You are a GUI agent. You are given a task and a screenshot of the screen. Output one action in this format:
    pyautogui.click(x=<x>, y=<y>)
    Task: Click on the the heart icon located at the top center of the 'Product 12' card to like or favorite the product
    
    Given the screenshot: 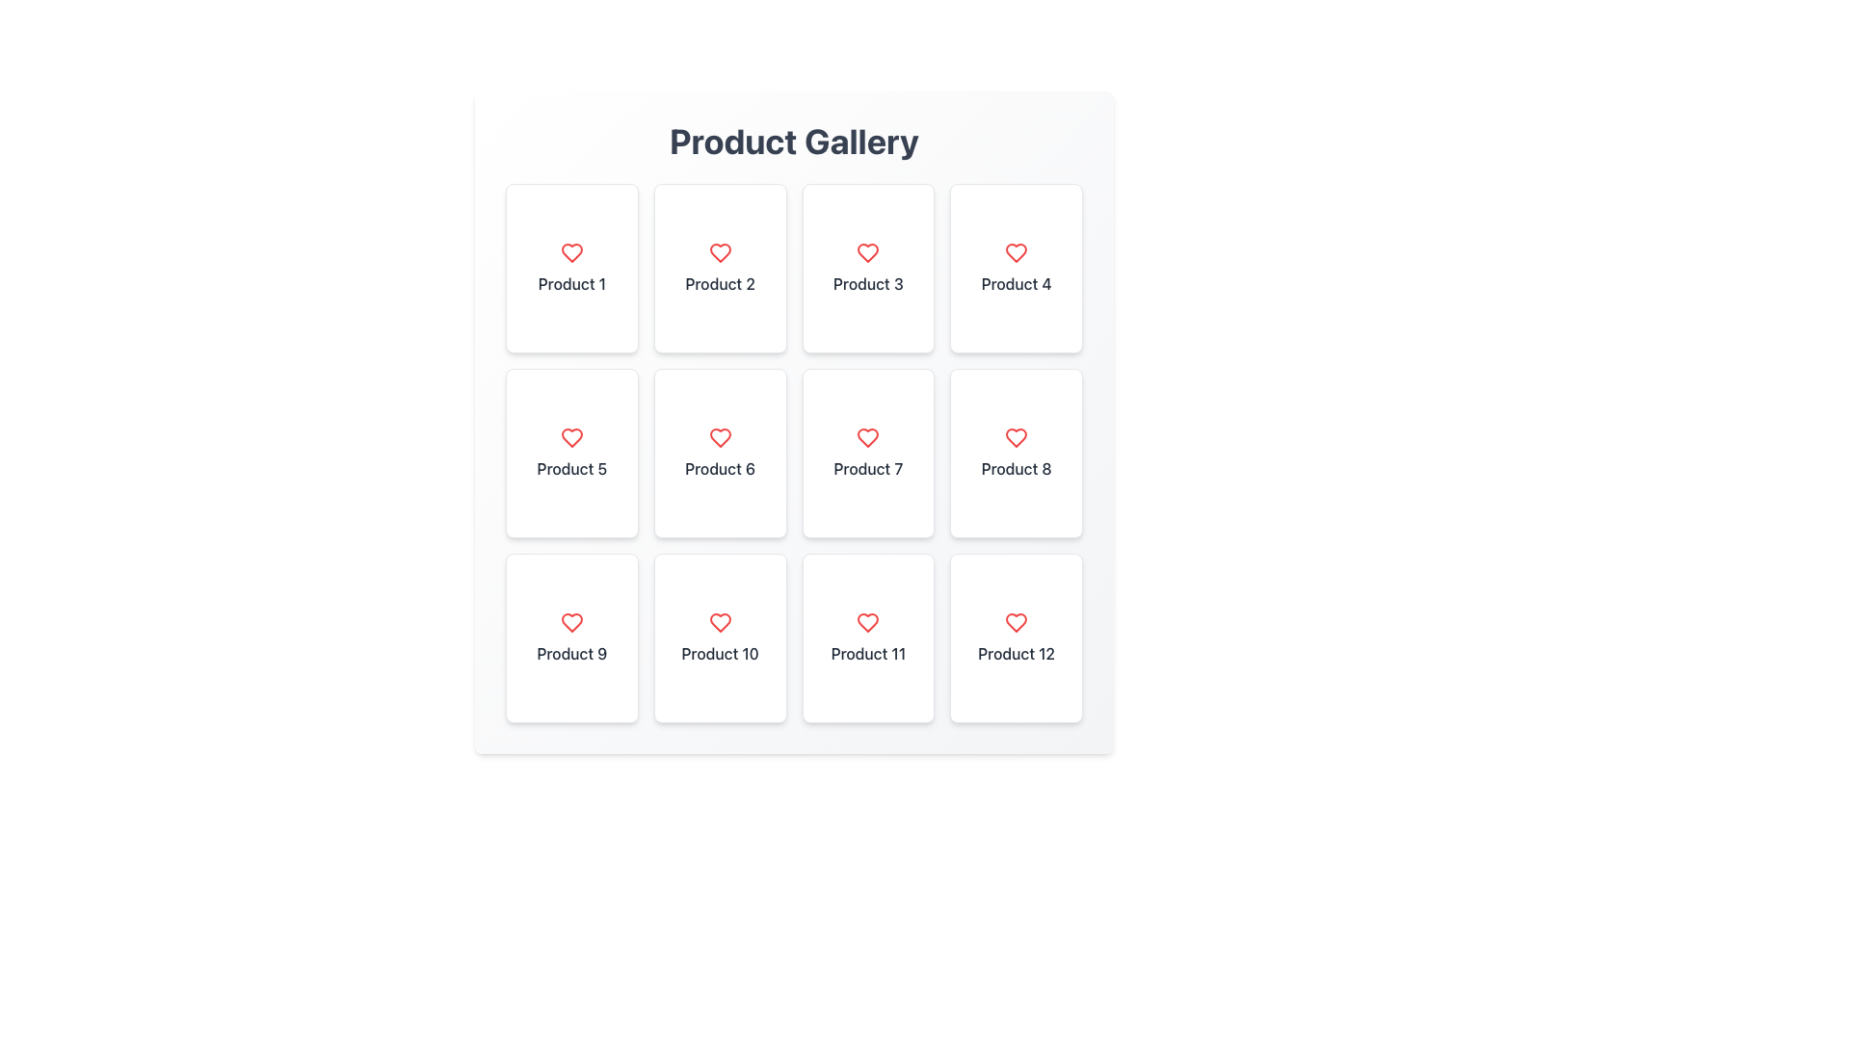 What is the action you would take?
    pyautogui.click(x=1016, y=623)
    